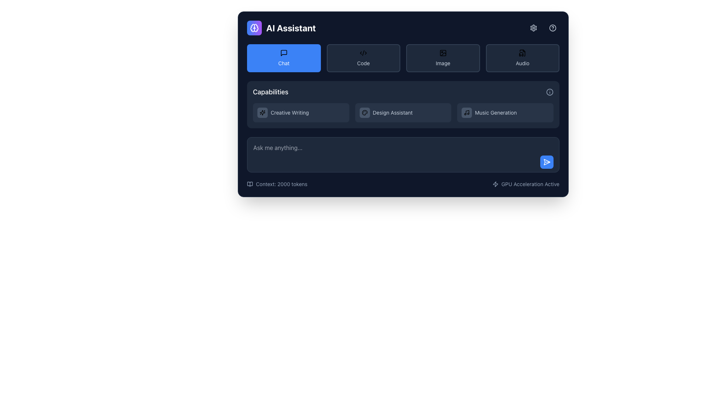 This screenshot has height=398, width=709. What do you see at coordinates (254, 28) in the screenshot?
I see `the cognitive processes icon located in the upper-left quadrant of the interface` at bounding box center [254, 28].